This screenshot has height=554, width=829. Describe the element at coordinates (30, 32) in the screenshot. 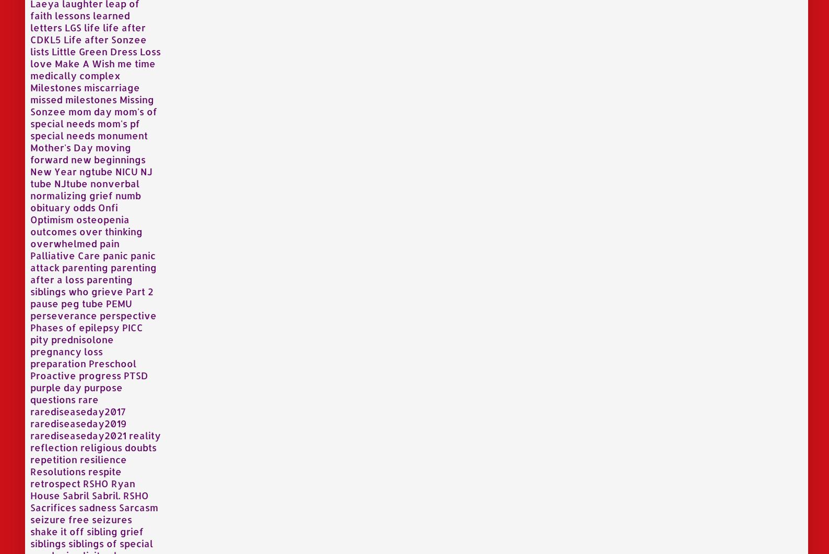

I see `'life after CDKL5'` at that location.